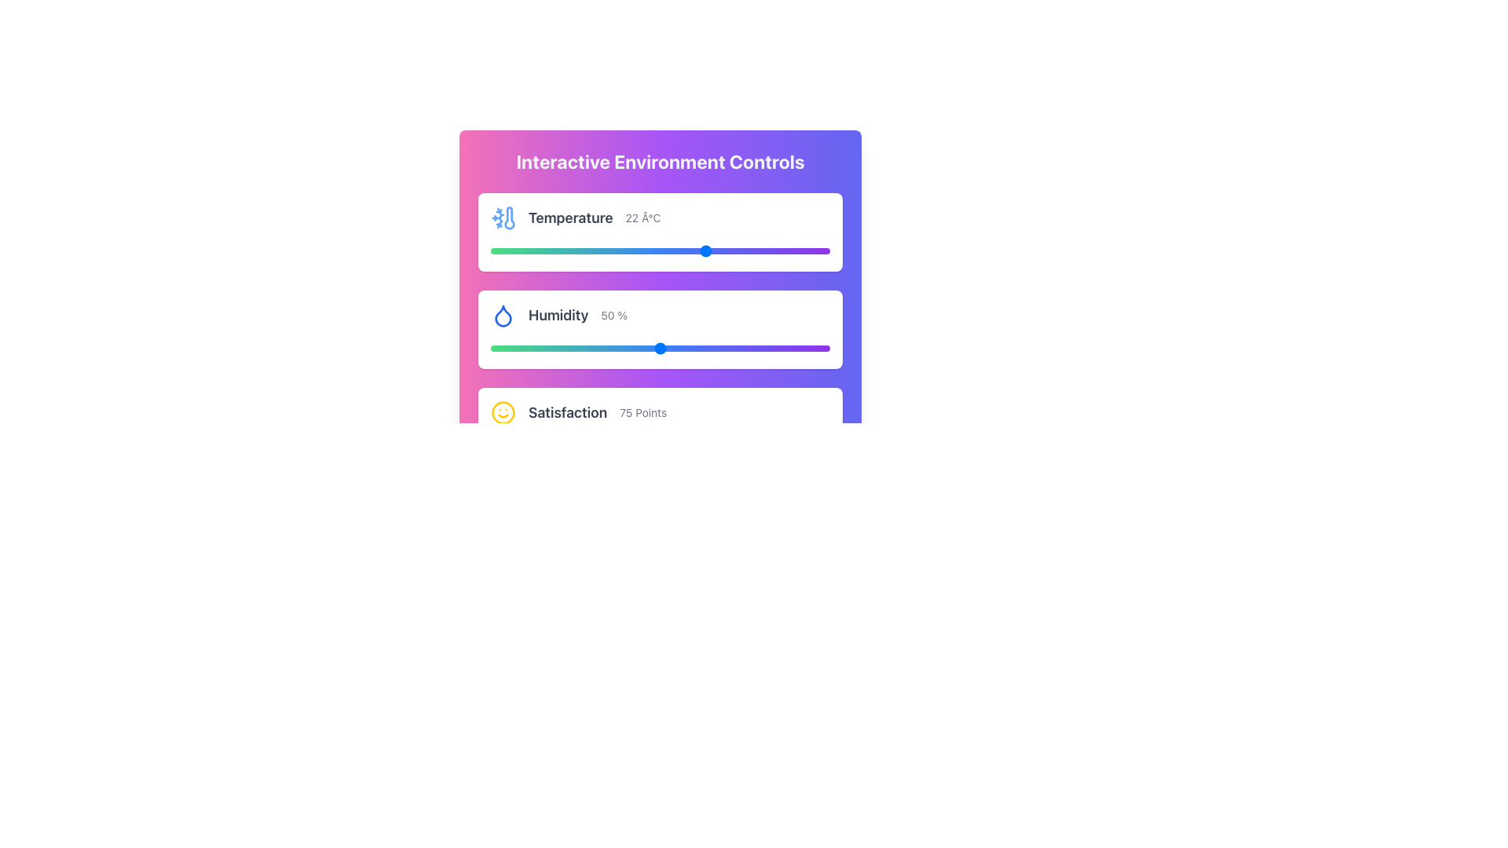  What do you see at coordinates (660, 161) in the screenshot?
I see `the prominently displayed textual header that reads 'Interactive Environment Controls', which is styled in bold, large light gray text and located at the top of the gradient background` at bounding box center [660, 161].